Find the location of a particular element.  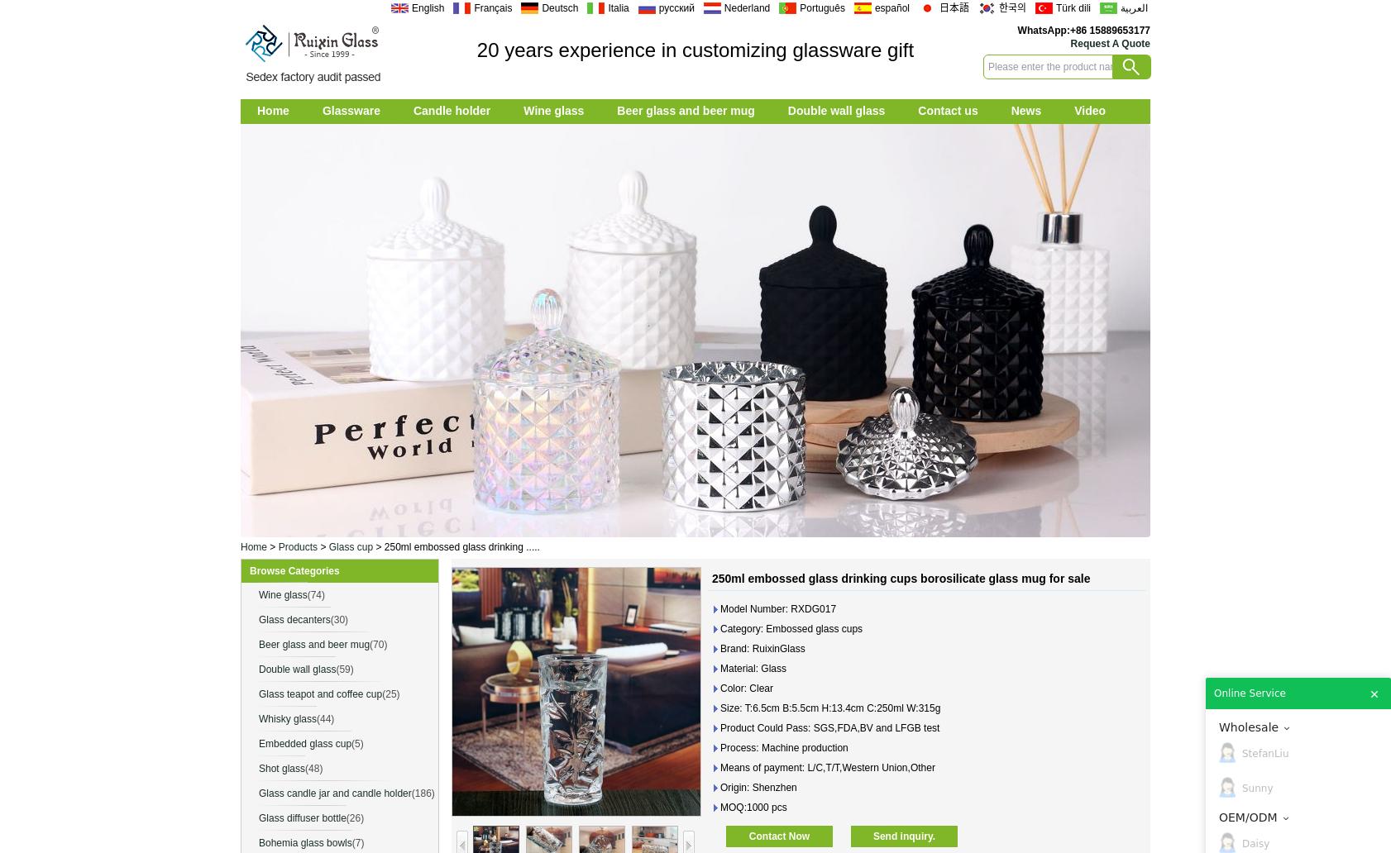

'(7)' is located at coordinates (357, 842).